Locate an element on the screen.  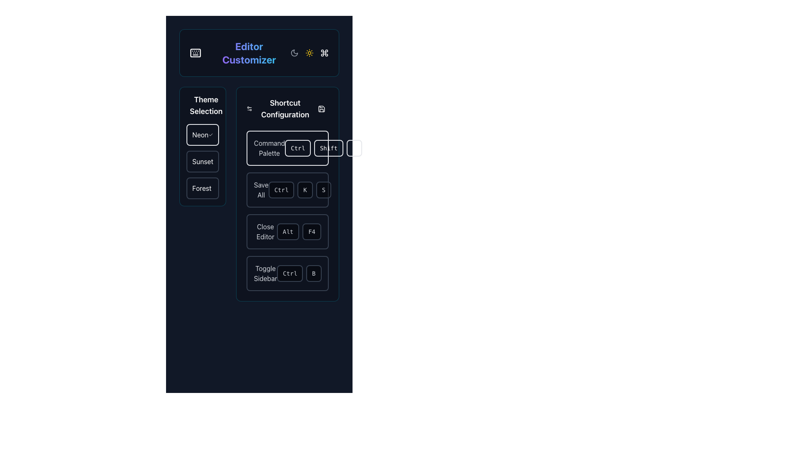
the sun icon located near the title 'Editor Customizer', which toggles or indicates a 'light mode' feature is located at coordinates (309, 53).